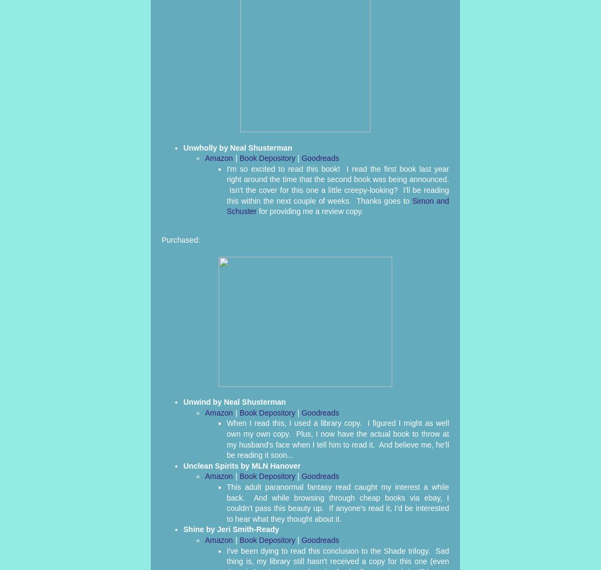 The height and width of the screenshot is (570, 601). Describe the element at coordinates (183, 401) in the screenshot. I see `'Unwind by Neal Shusterman'` at that location.